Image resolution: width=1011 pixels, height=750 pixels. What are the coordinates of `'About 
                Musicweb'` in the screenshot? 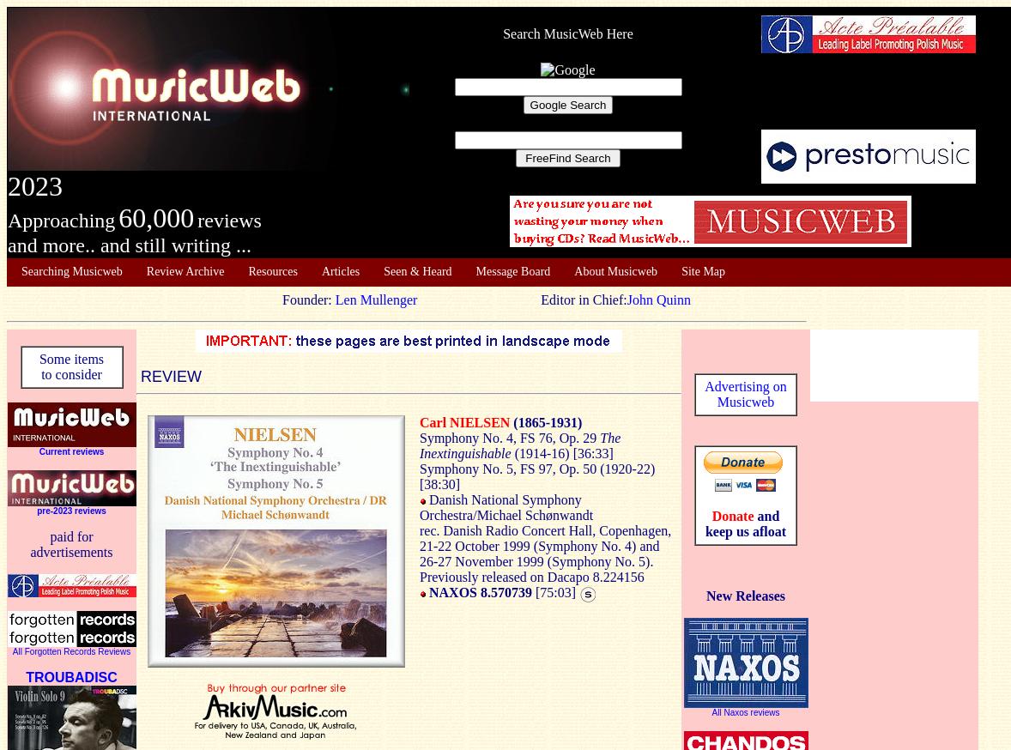 It's located at (62, 293).